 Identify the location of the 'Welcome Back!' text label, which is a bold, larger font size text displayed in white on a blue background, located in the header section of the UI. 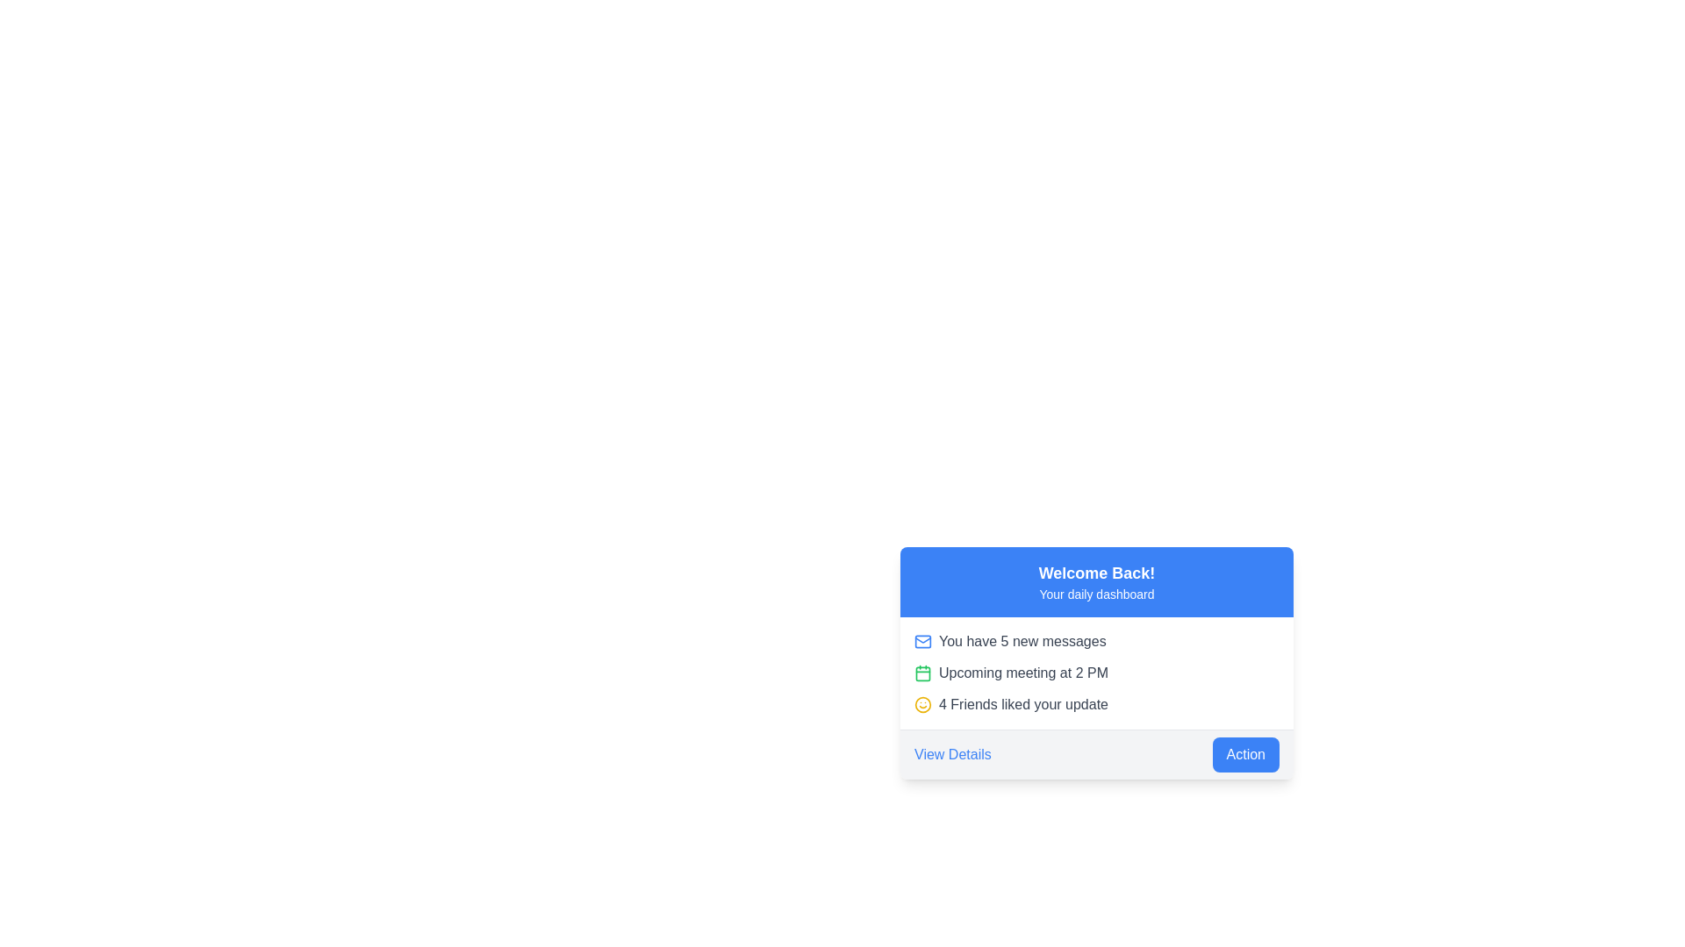
(1095, 573).